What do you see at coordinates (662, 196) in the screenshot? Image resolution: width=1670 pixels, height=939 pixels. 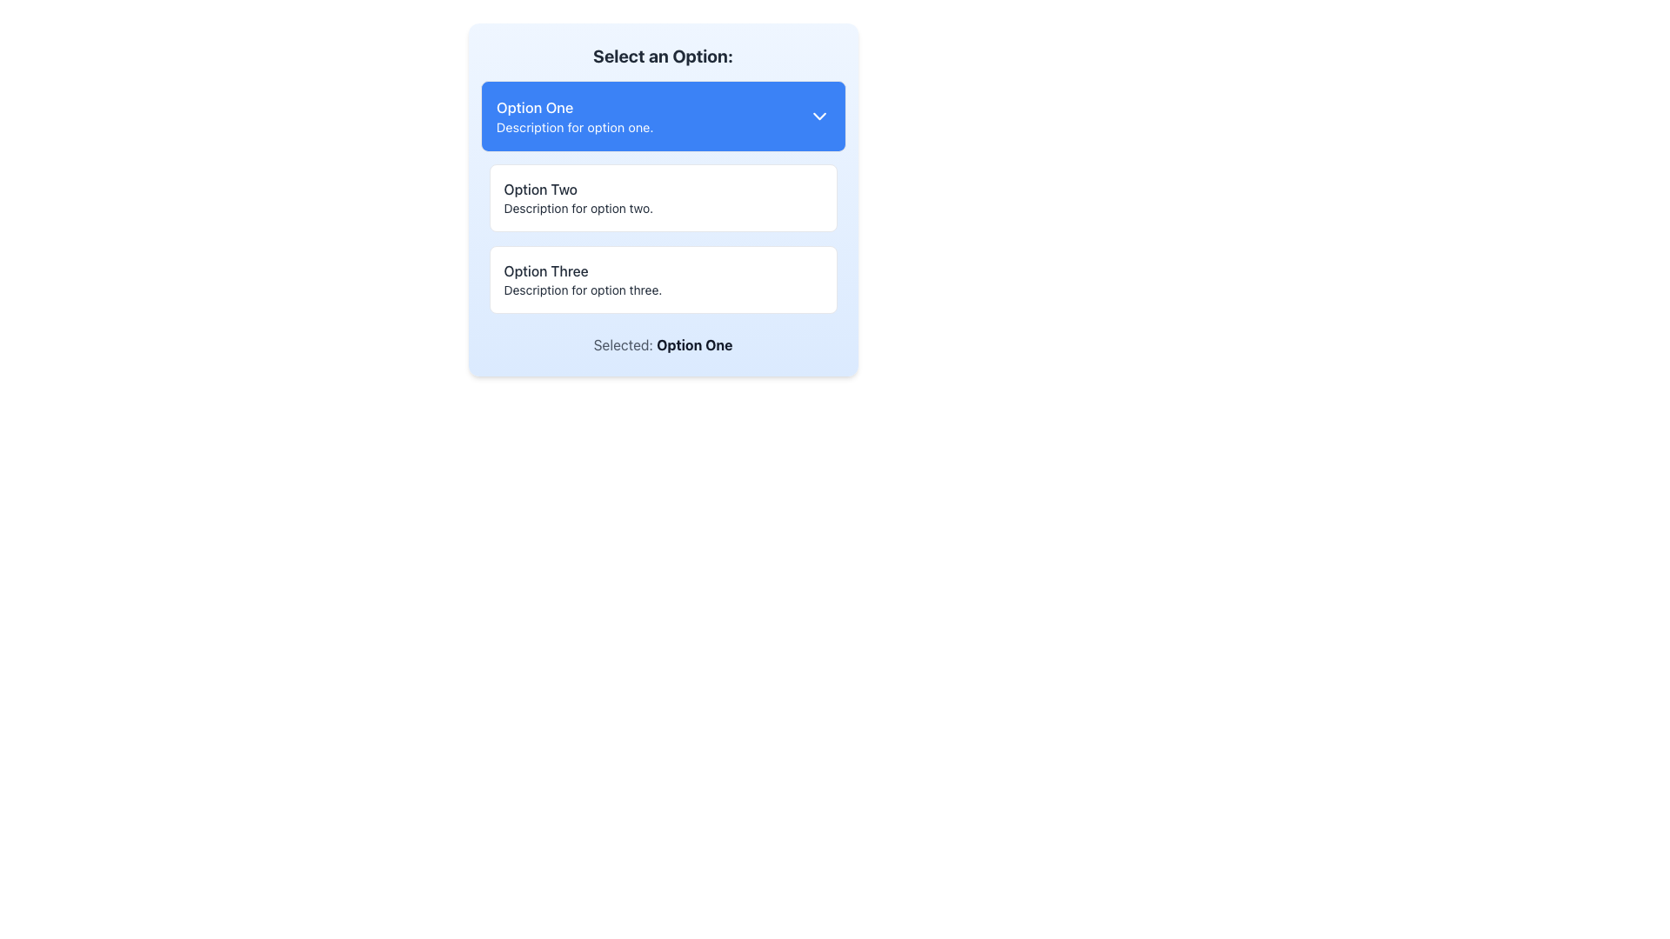 I see `the 'Option Two' button, which is a rectangular button with a white background, light gray border, and rounded corners` at bounding box center [662, 196].